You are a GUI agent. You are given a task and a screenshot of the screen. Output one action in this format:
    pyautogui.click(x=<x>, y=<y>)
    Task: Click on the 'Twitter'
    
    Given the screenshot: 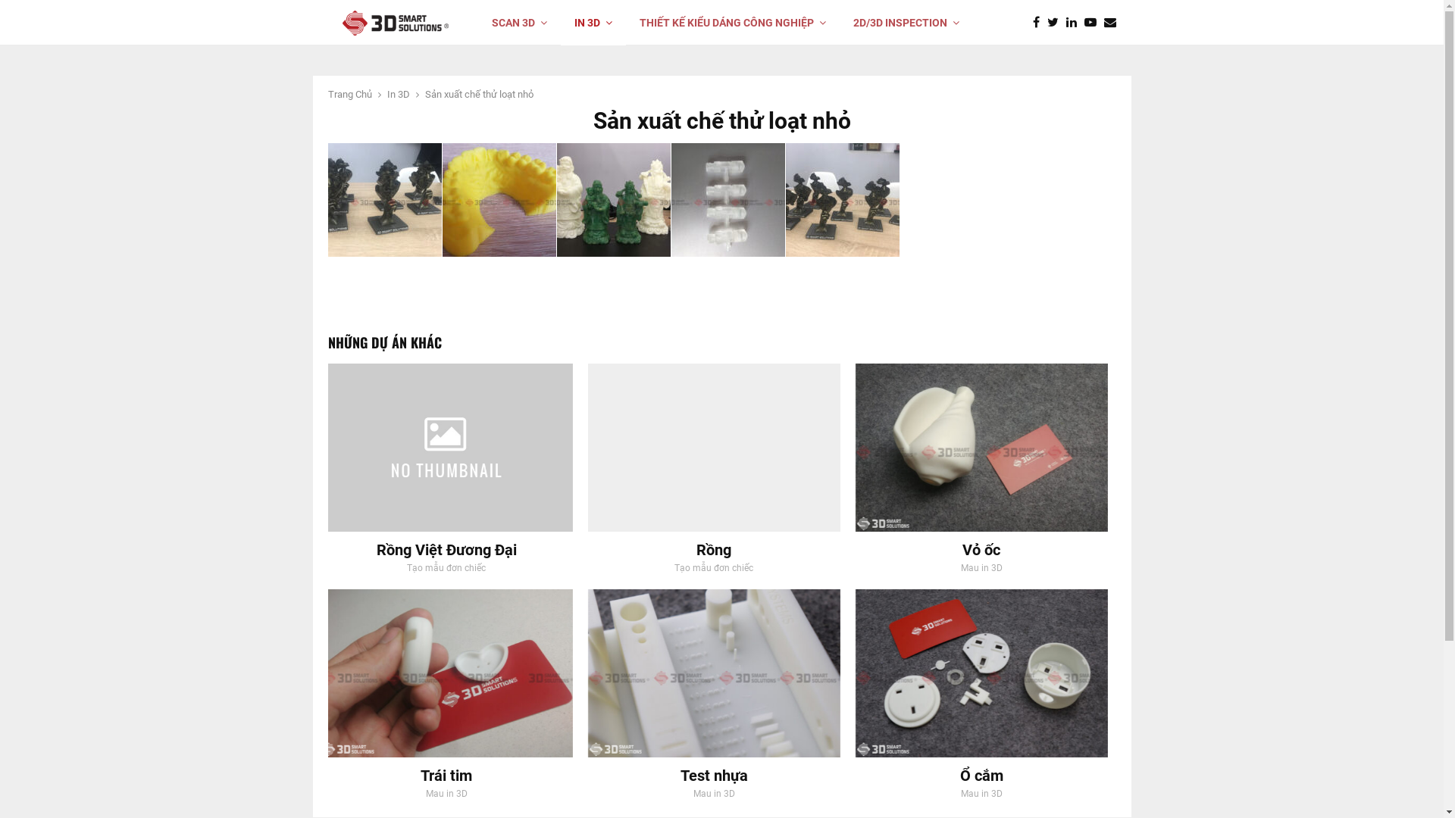 What is the action you would take?
    pyautogui.click(x=1047, y=23)
    